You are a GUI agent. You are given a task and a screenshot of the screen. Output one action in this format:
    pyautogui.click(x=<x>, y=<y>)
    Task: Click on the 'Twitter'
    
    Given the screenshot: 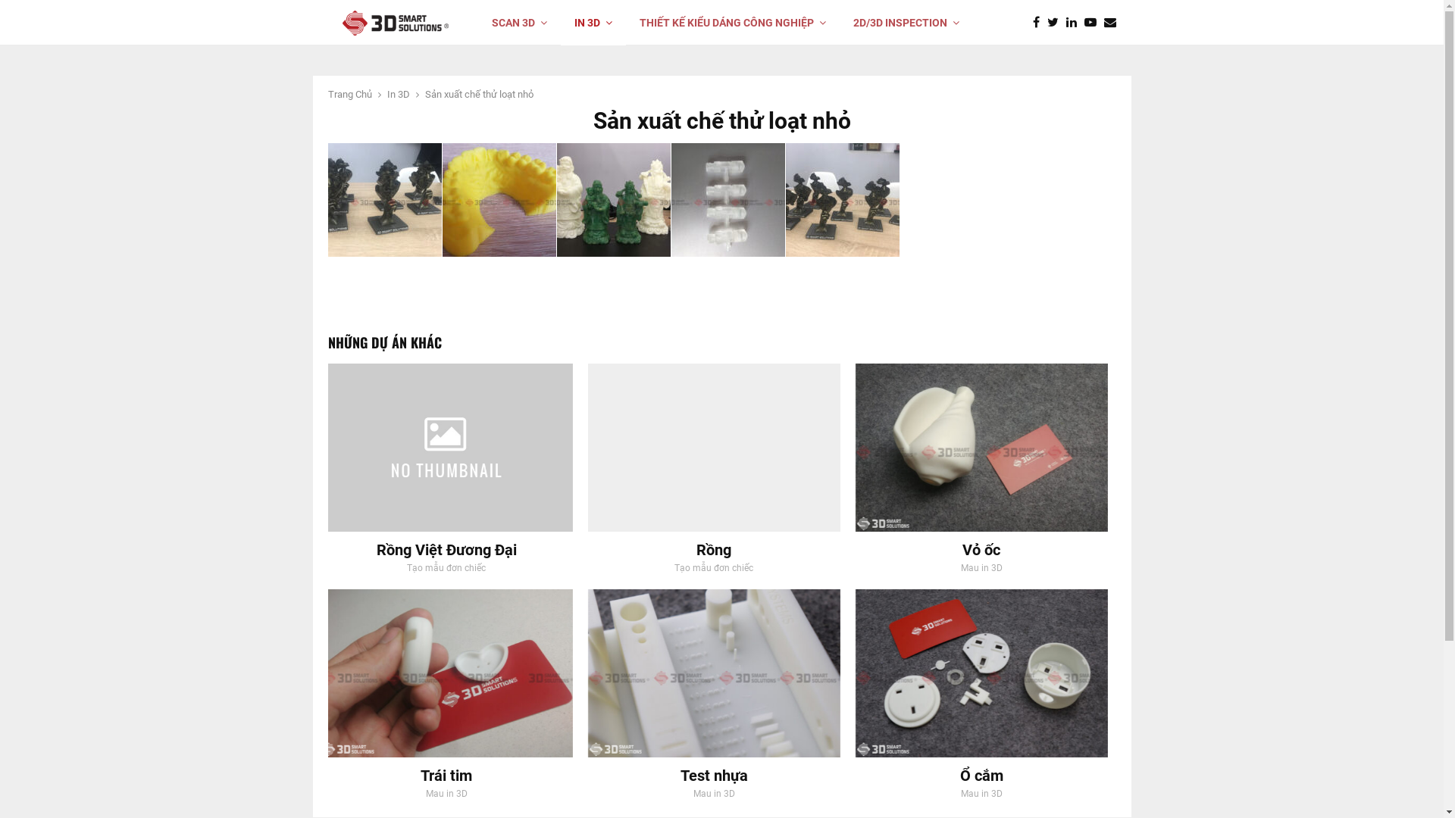 What is the action you would take?
    pyautogui.click(x=1047, y=23)
    